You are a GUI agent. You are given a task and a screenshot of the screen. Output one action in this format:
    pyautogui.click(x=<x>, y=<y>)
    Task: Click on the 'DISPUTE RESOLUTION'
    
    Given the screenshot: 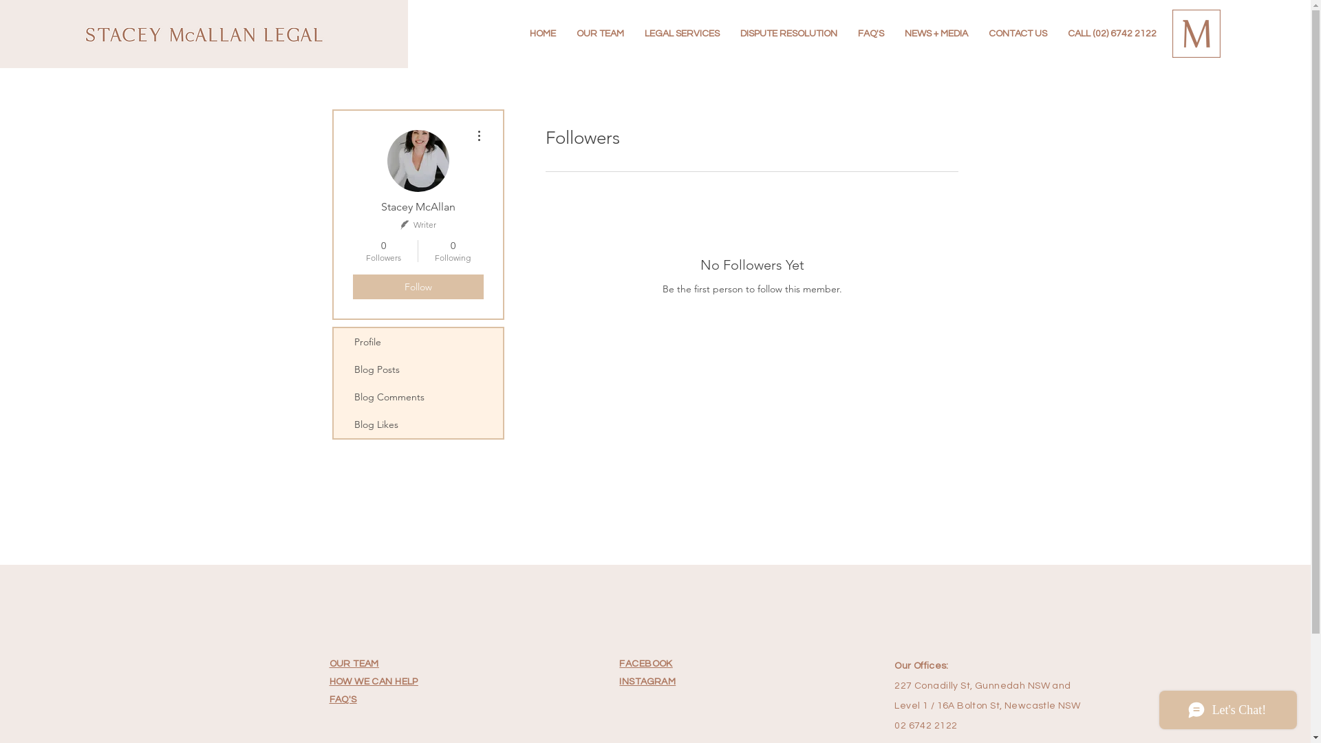 What is the action you would take?
    pyautogui.click(x=788, y=33)
    